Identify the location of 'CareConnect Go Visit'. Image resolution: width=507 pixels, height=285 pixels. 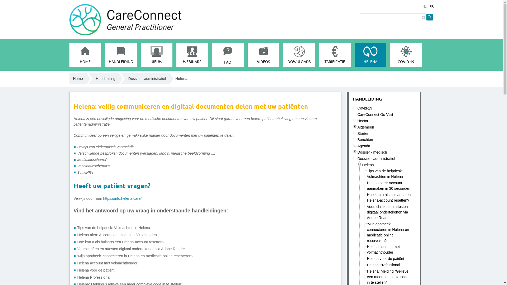
(375, 114).